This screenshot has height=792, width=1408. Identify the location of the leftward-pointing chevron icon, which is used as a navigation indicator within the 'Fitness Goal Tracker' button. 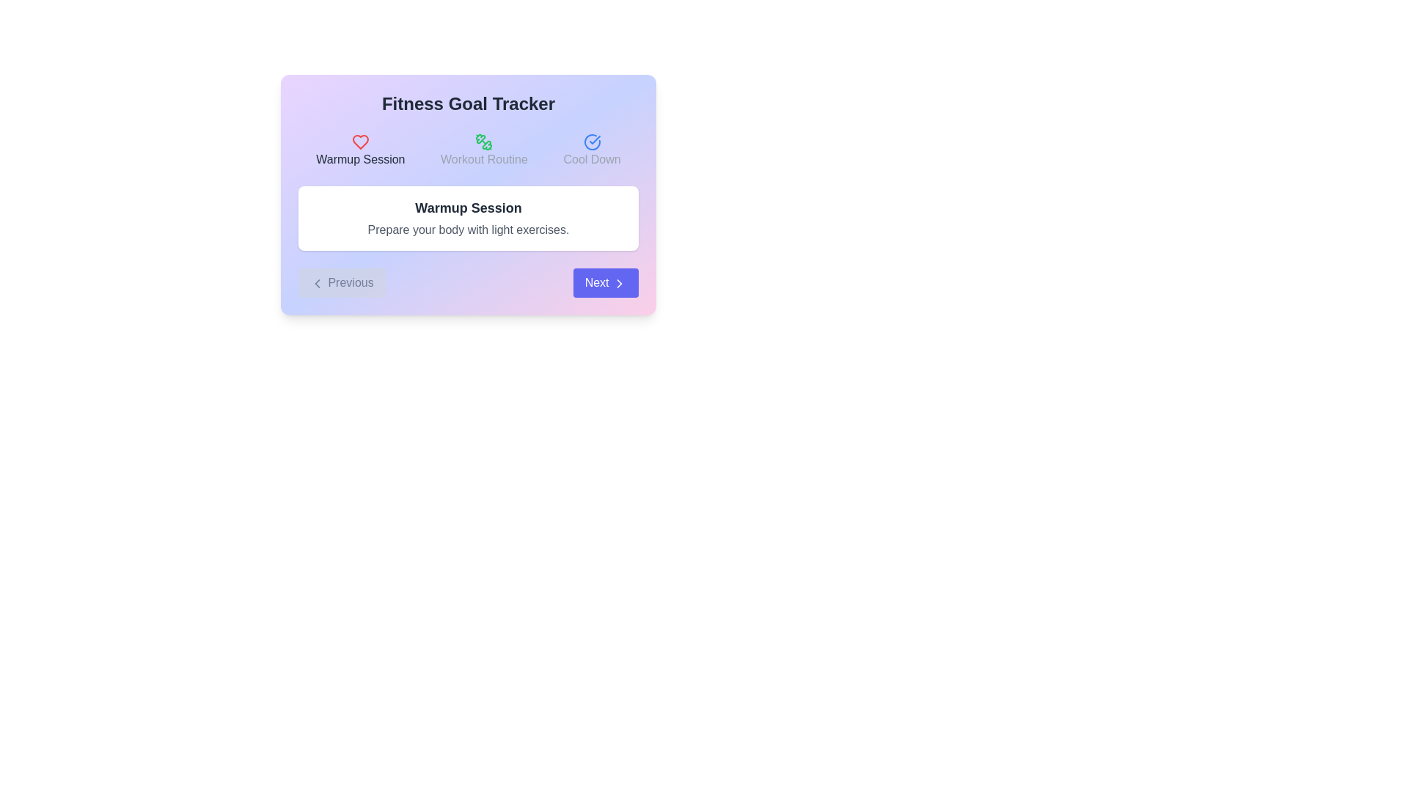
(316, 282).